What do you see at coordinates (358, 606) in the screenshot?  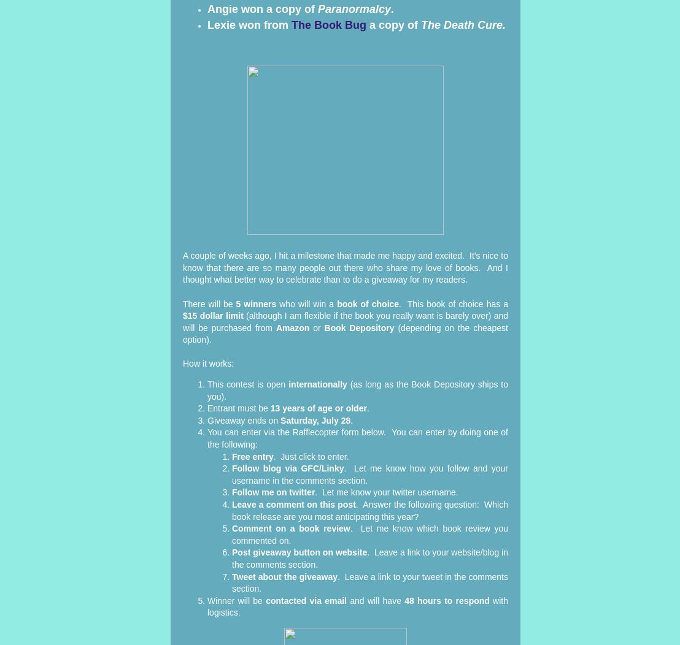 I see `'with logistics.'` at bounding box center [358, 606].